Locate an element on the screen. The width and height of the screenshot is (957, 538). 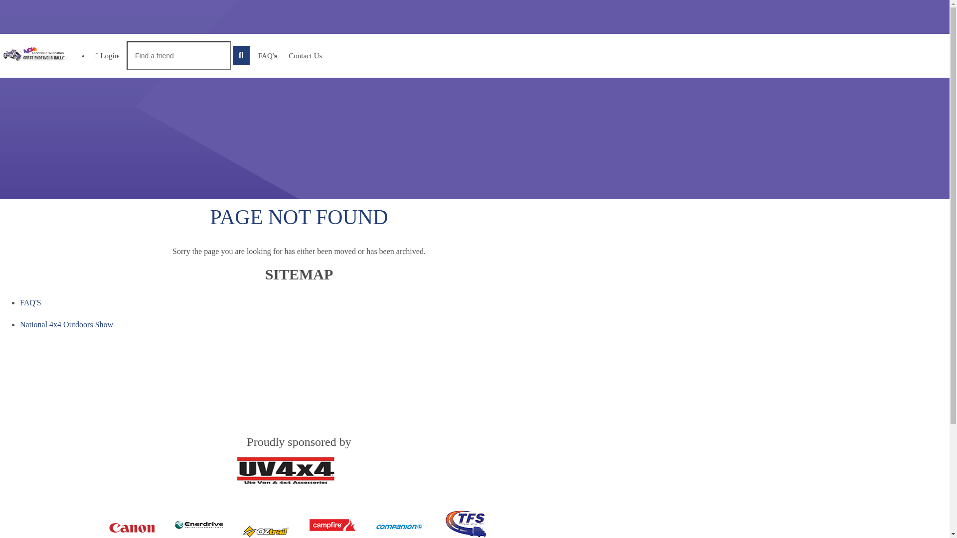
'Contact Us' is located at coordinates (305, 55).